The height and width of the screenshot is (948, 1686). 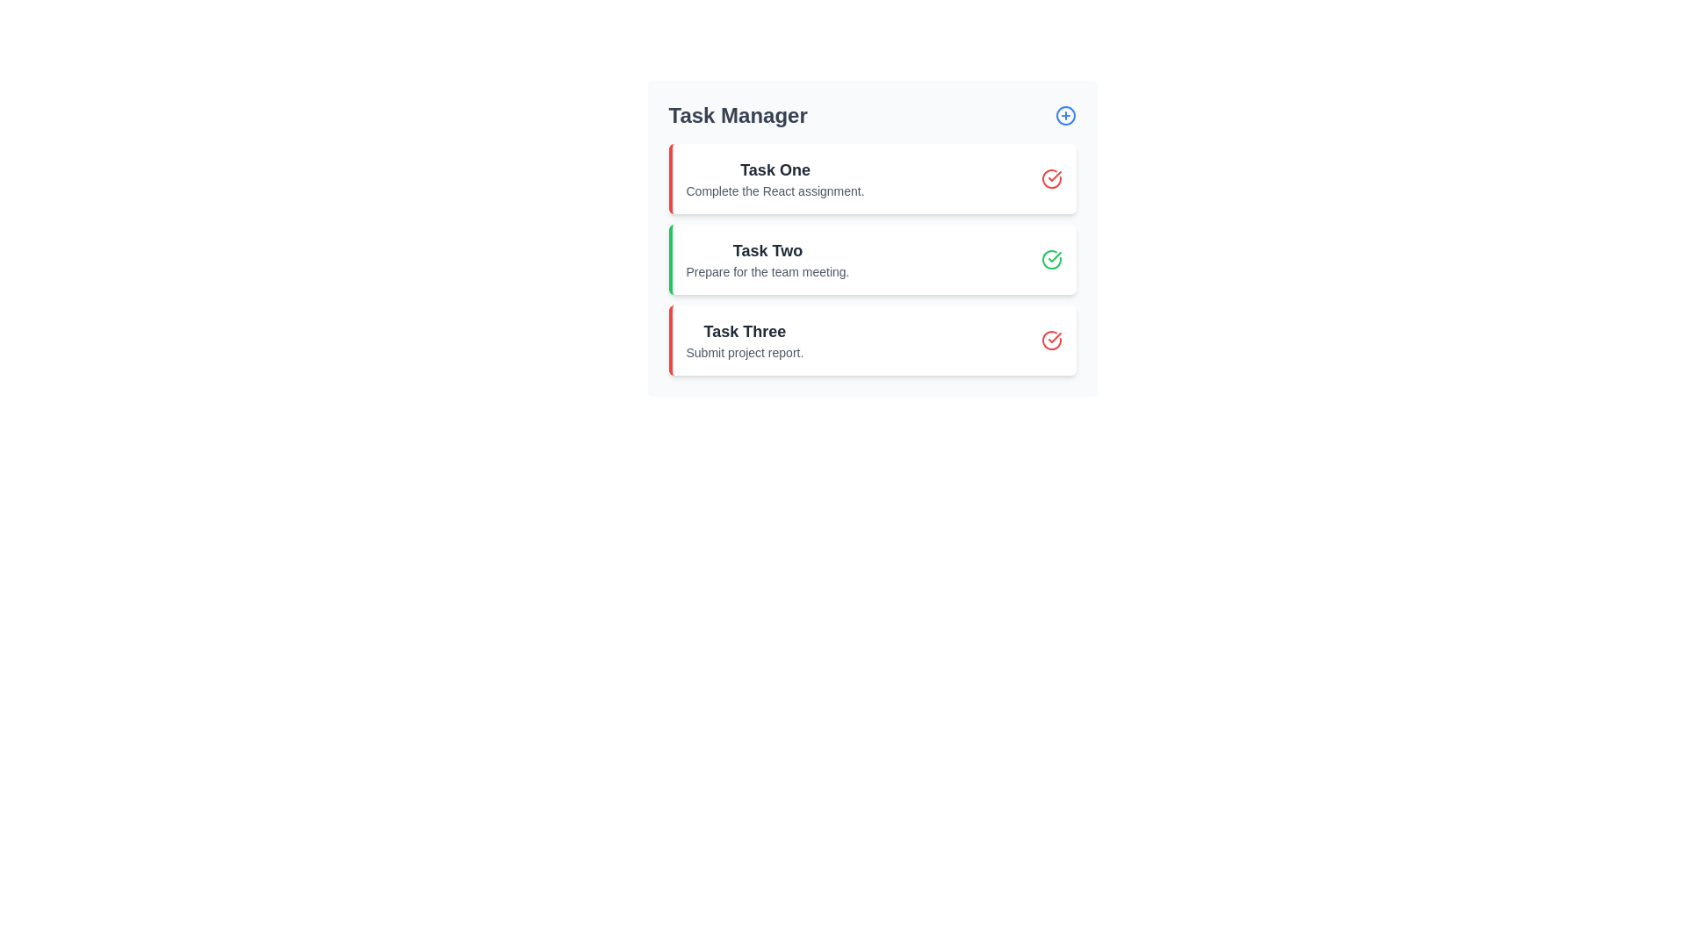 What do you see at coordinates (874, 260) in the screenshot?
I see `the Task item titled 'Task Two'` at bounding box center [874, 260].